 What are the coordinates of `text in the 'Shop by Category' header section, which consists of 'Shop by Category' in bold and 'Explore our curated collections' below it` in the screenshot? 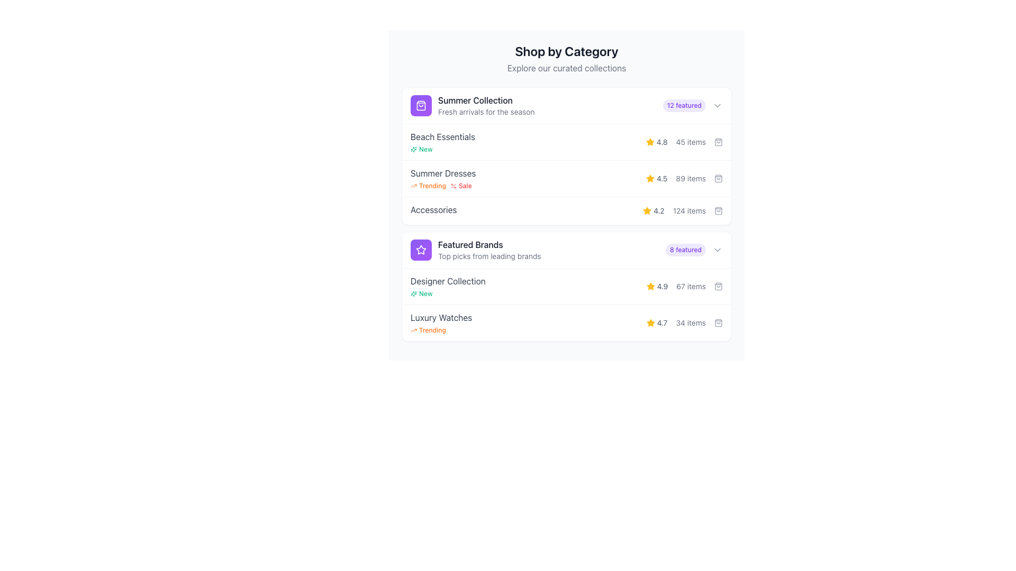 It's located at (566, 59).